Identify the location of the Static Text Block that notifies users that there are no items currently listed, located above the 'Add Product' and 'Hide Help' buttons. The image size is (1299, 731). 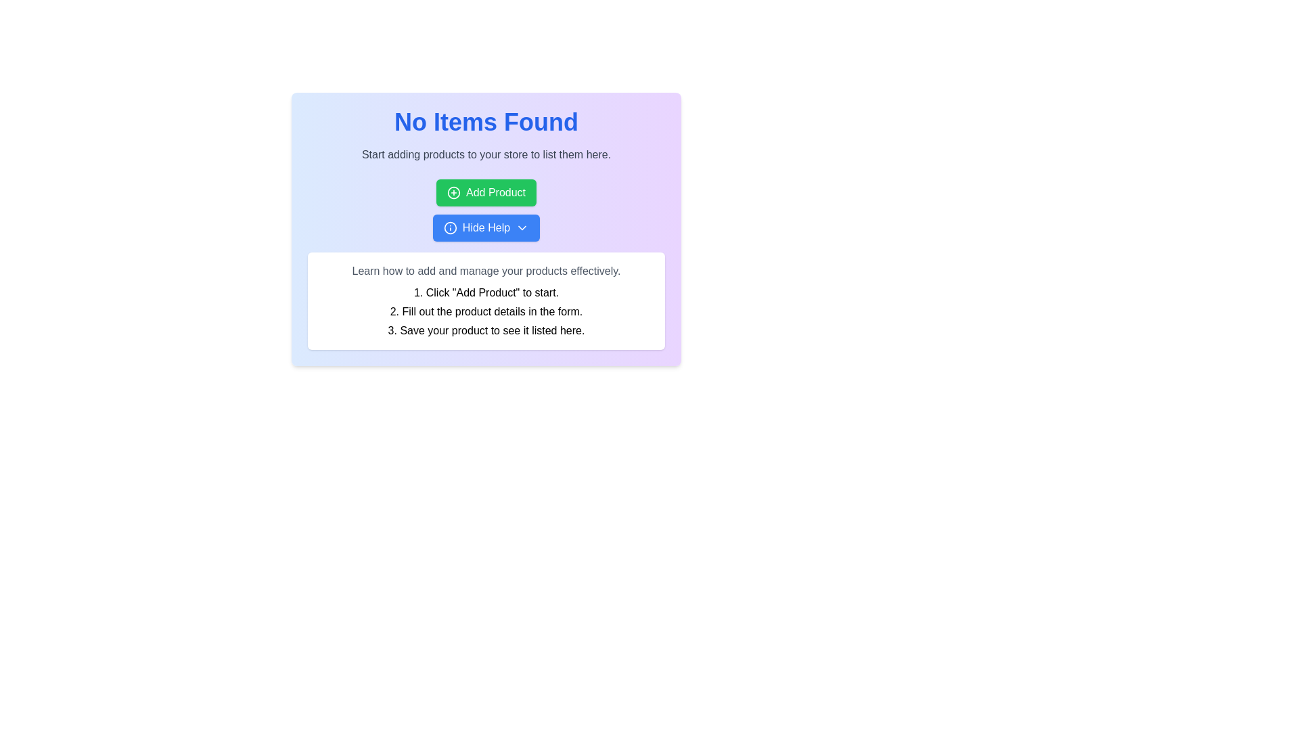
(486, 135).